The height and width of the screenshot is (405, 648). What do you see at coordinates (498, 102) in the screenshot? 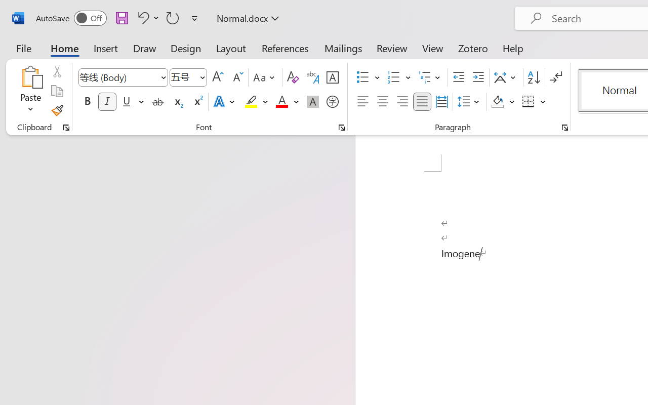
I see `'Shading RGB(0, 0, 0)'` at bounding box center [498, 102].